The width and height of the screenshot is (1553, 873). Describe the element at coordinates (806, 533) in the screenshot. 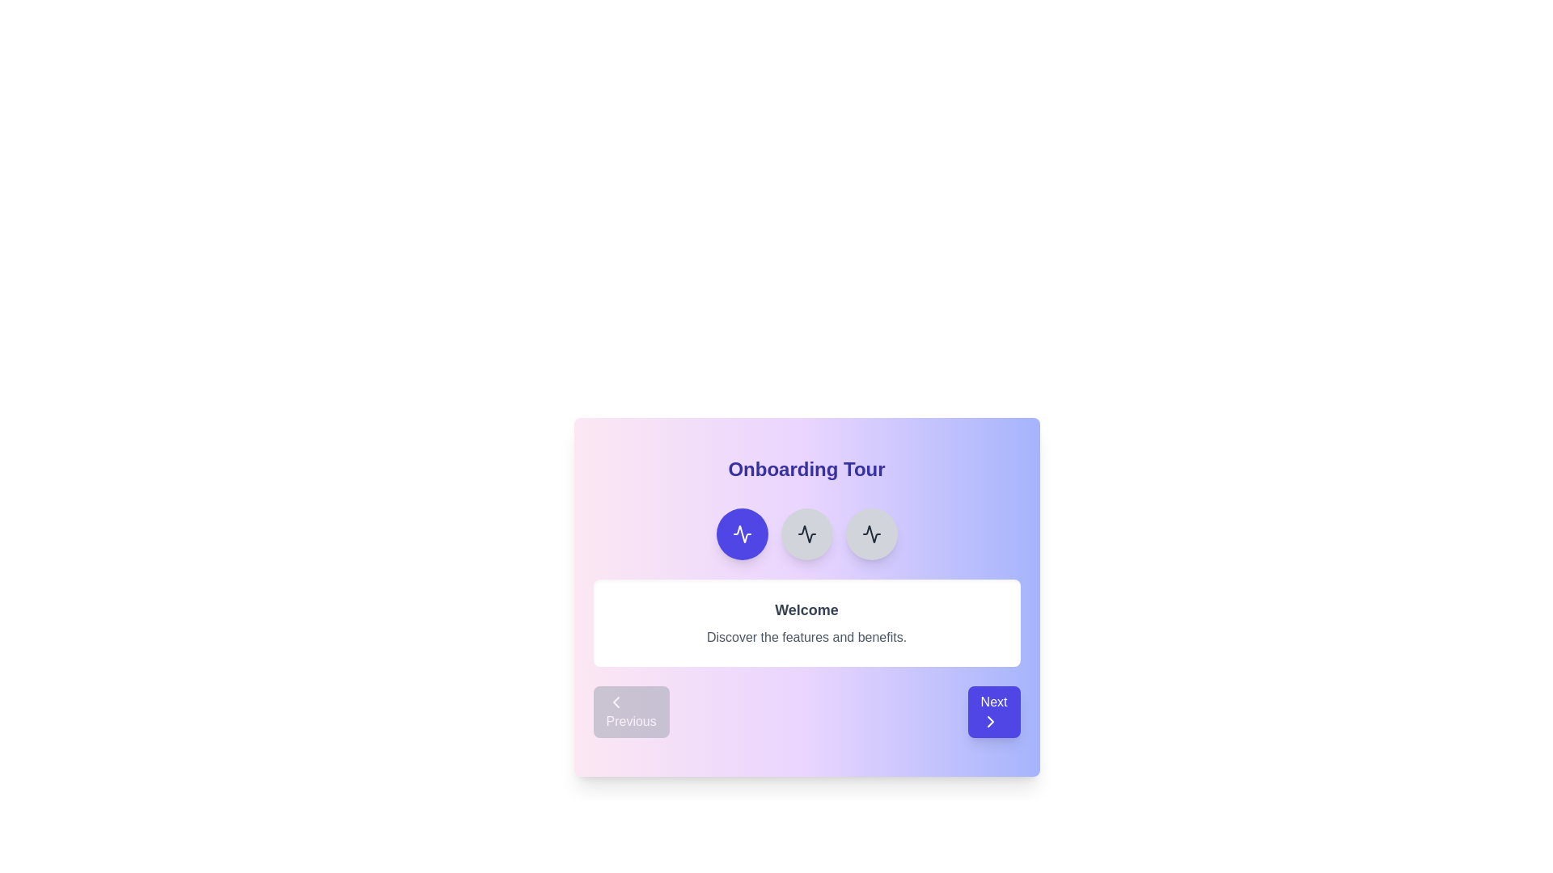

I see `the circular button with a gray background and a pulse icon` at that location.